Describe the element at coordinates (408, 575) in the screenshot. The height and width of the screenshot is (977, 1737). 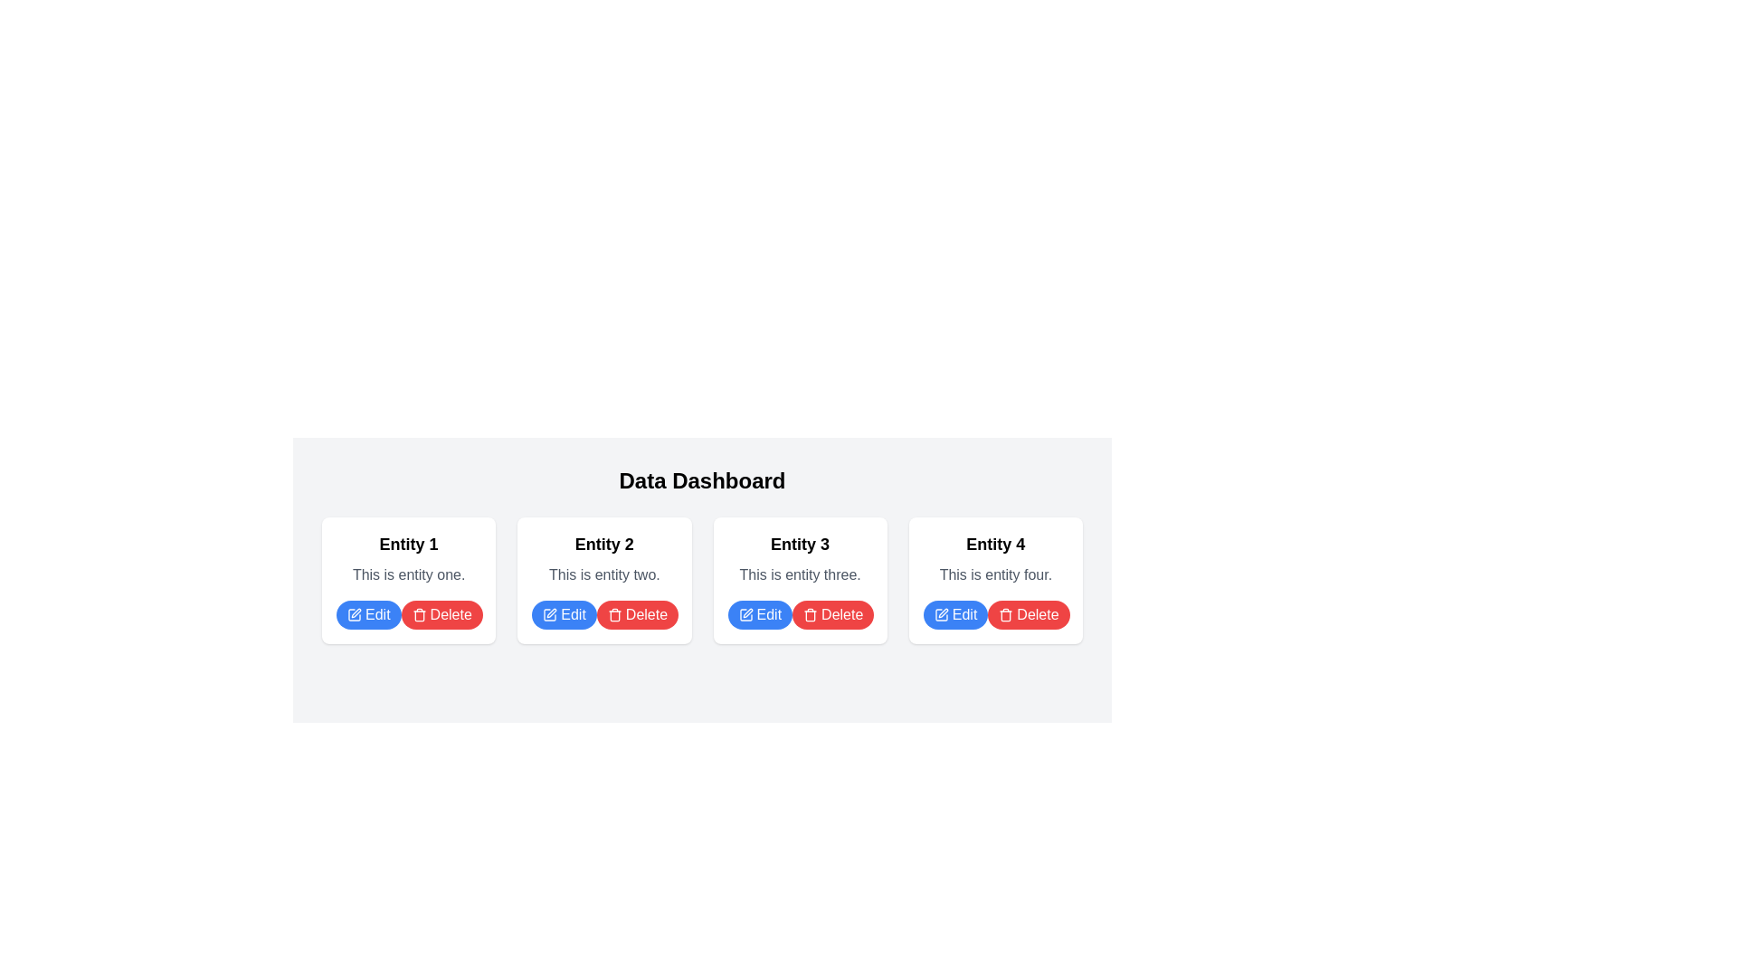
I see `the static text that serves as a descriptive subtitle for the 'Entity 1' card, which is the first card from the left in a horizontal row of similar cards` at that location.